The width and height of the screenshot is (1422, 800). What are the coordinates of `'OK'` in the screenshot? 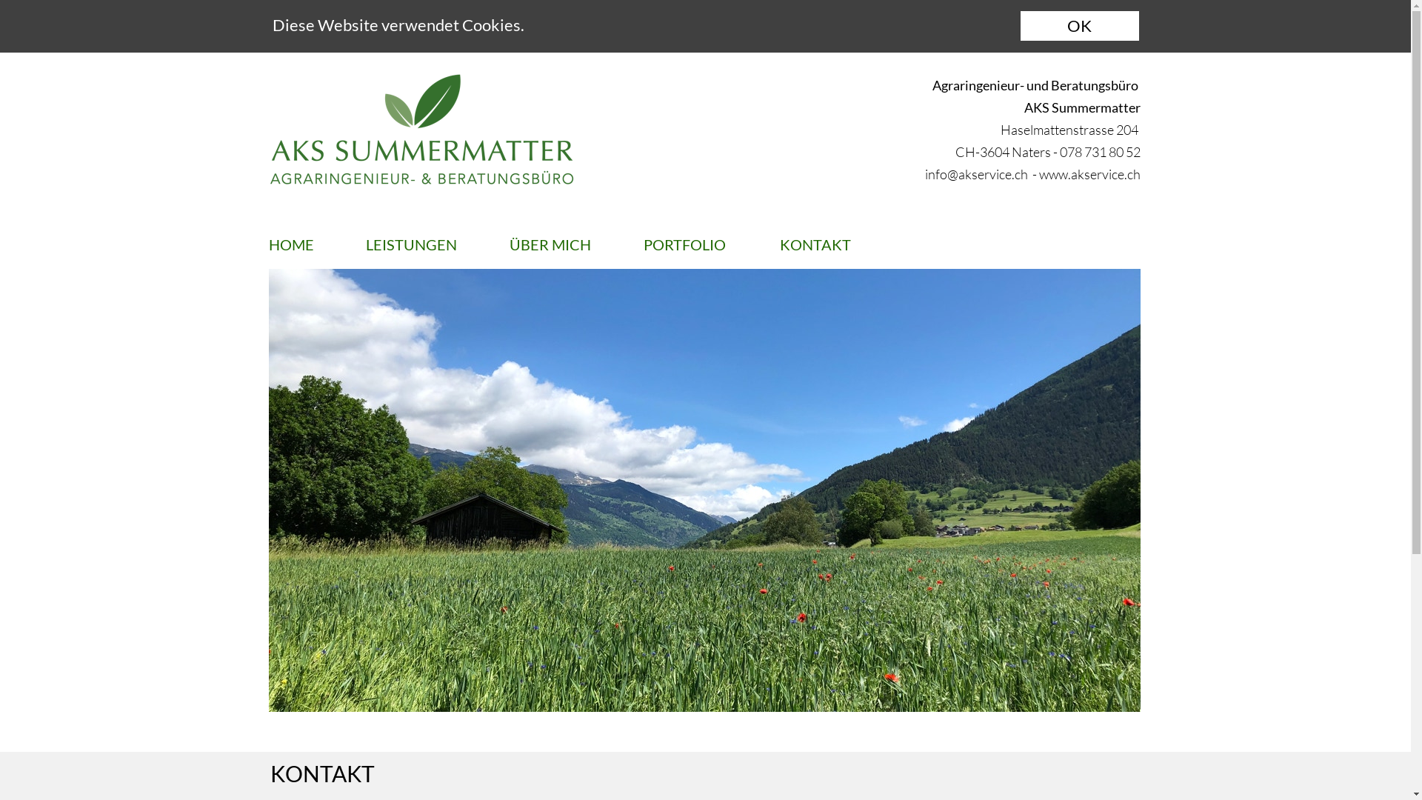 It's located at (1080, 25).